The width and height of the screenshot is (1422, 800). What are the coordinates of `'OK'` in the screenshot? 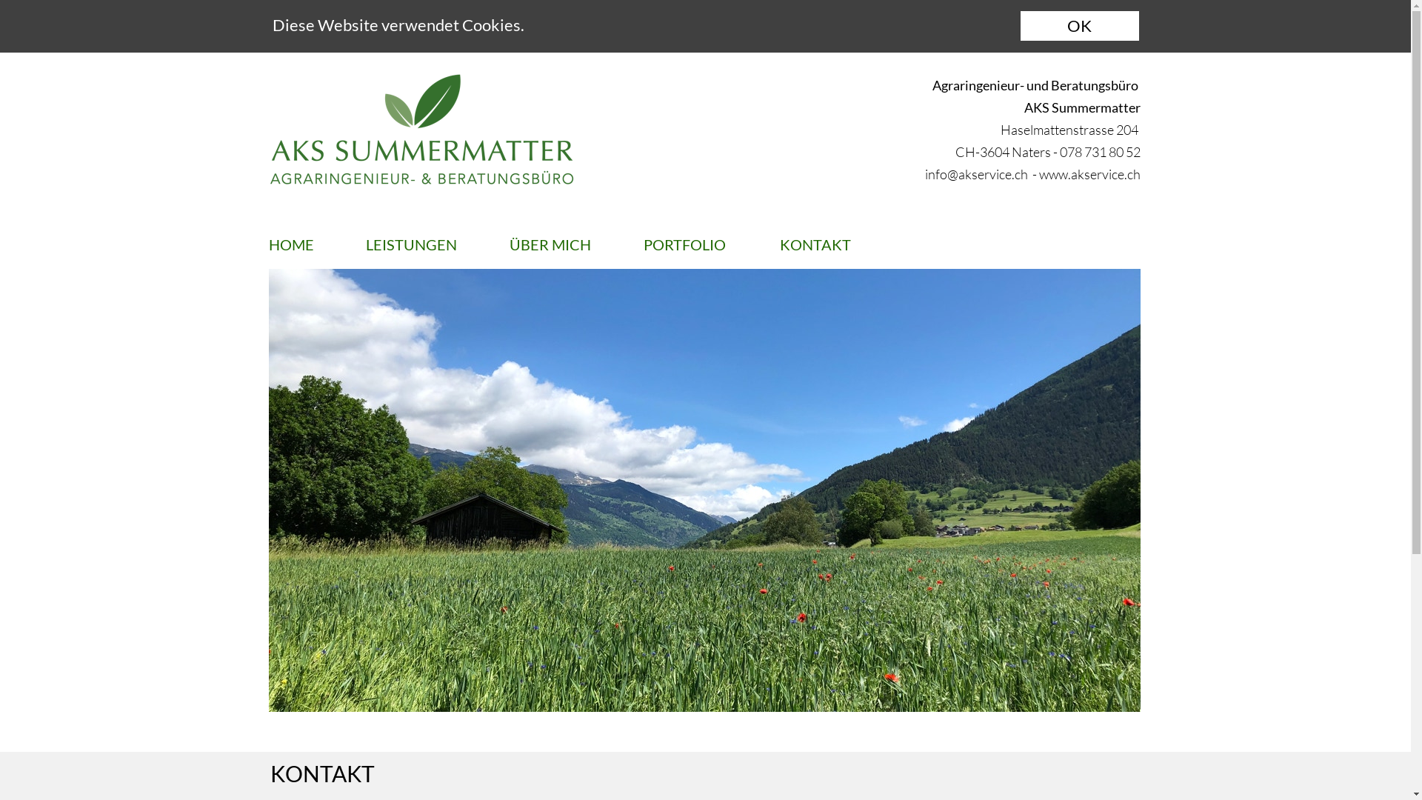 It's located at (1080, 25).